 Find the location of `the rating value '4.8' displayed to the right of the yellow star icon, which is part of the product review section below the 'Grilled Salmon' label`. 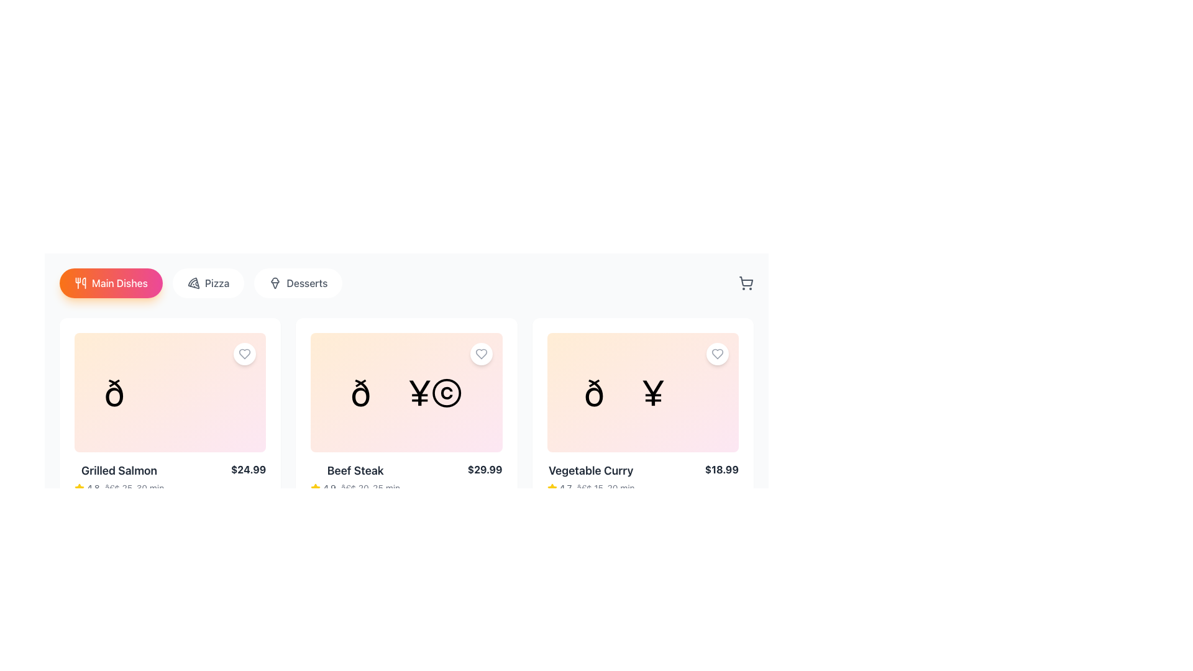

the rating value '4.8' displayed to the right of the yellow star icon, which is part of the product review section below the 'Grilled Salmon' label is located at coordinates (93, 488).